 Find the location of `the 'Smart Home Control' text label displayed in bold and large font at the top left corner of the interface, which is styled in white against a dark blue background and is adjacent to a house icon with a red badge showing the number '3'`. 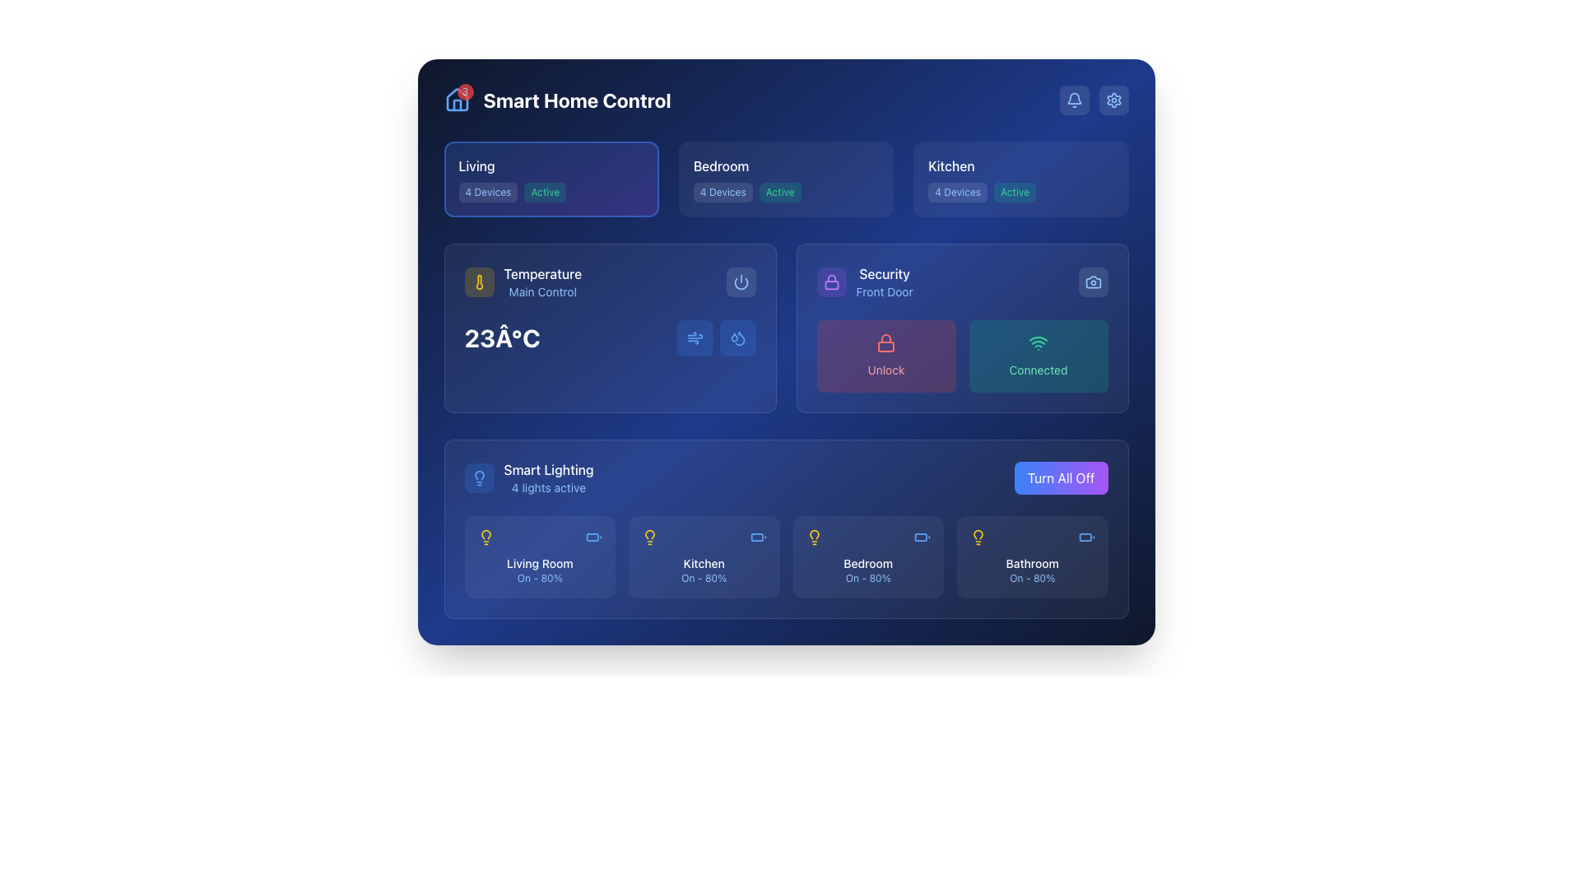

the 'Smart Home Control' text label displayed in bold and large font at the top left corner of the interface, which is styled in white against a dark blue background and is adjacent to a house icon with a red badge showing the number '3' is located at coordinates (557, 100).